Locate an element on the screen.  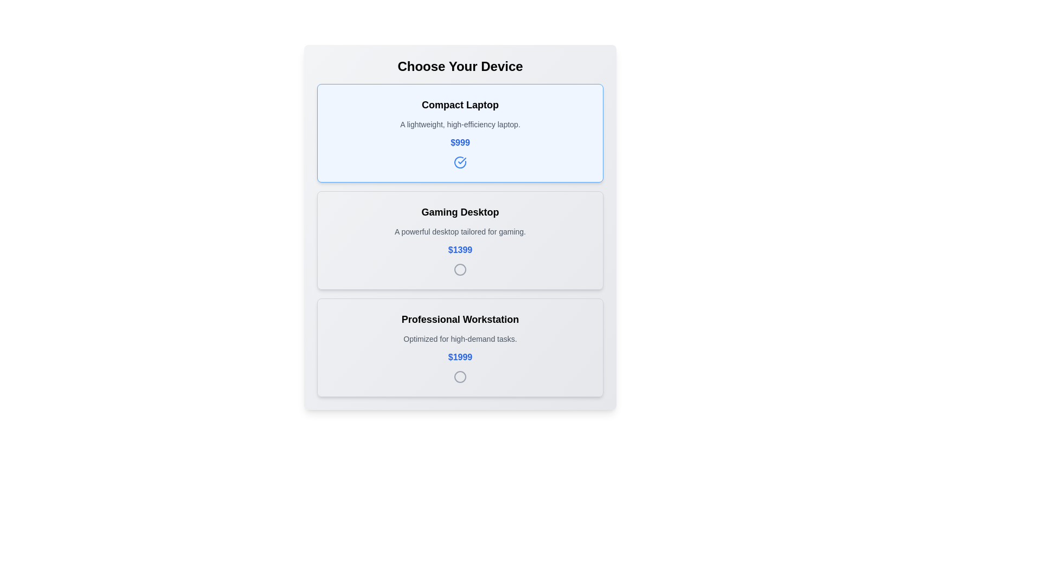
the visual confirmation mark indicating the 'Compact Laptop' selection has been made, located beneath the '$999' price text in the selection card is located at coordinates (460, 162).